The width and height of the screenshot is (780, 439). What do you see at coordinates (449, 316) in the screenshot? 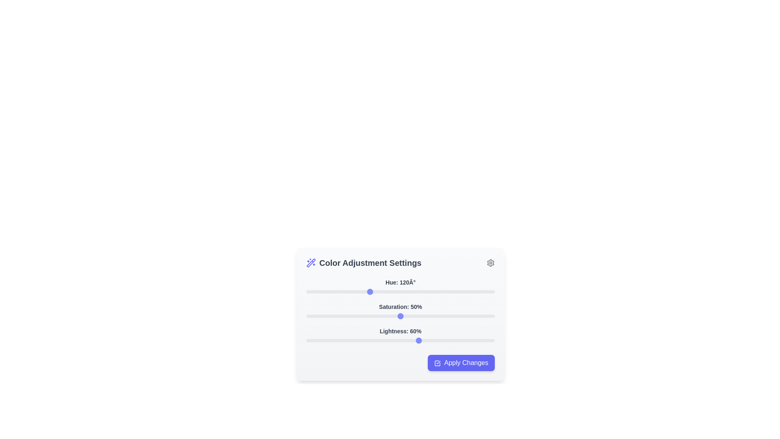
I see `the saturation` at bounding box center [449, 316].